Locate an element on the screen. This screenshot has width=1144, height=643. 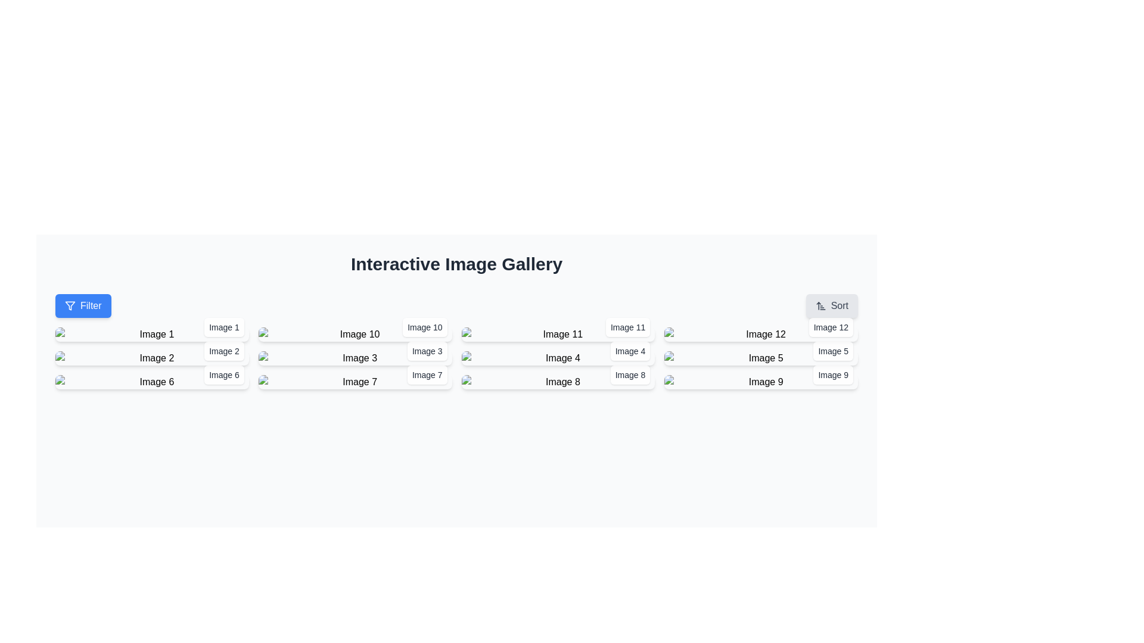
the text content within the clickable button that filters displayed content, located on the left side of the interface near the top of a grid of image-related controls is located at coordinates (90, 305).